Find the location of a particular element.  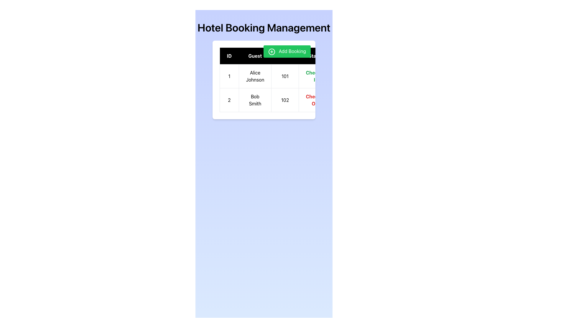

labels of the table header which includes 'ID', 'Guest', 'Room', 'Status', and 'Amount', styled with a black background and white text color is located at coordinates (293, 56).